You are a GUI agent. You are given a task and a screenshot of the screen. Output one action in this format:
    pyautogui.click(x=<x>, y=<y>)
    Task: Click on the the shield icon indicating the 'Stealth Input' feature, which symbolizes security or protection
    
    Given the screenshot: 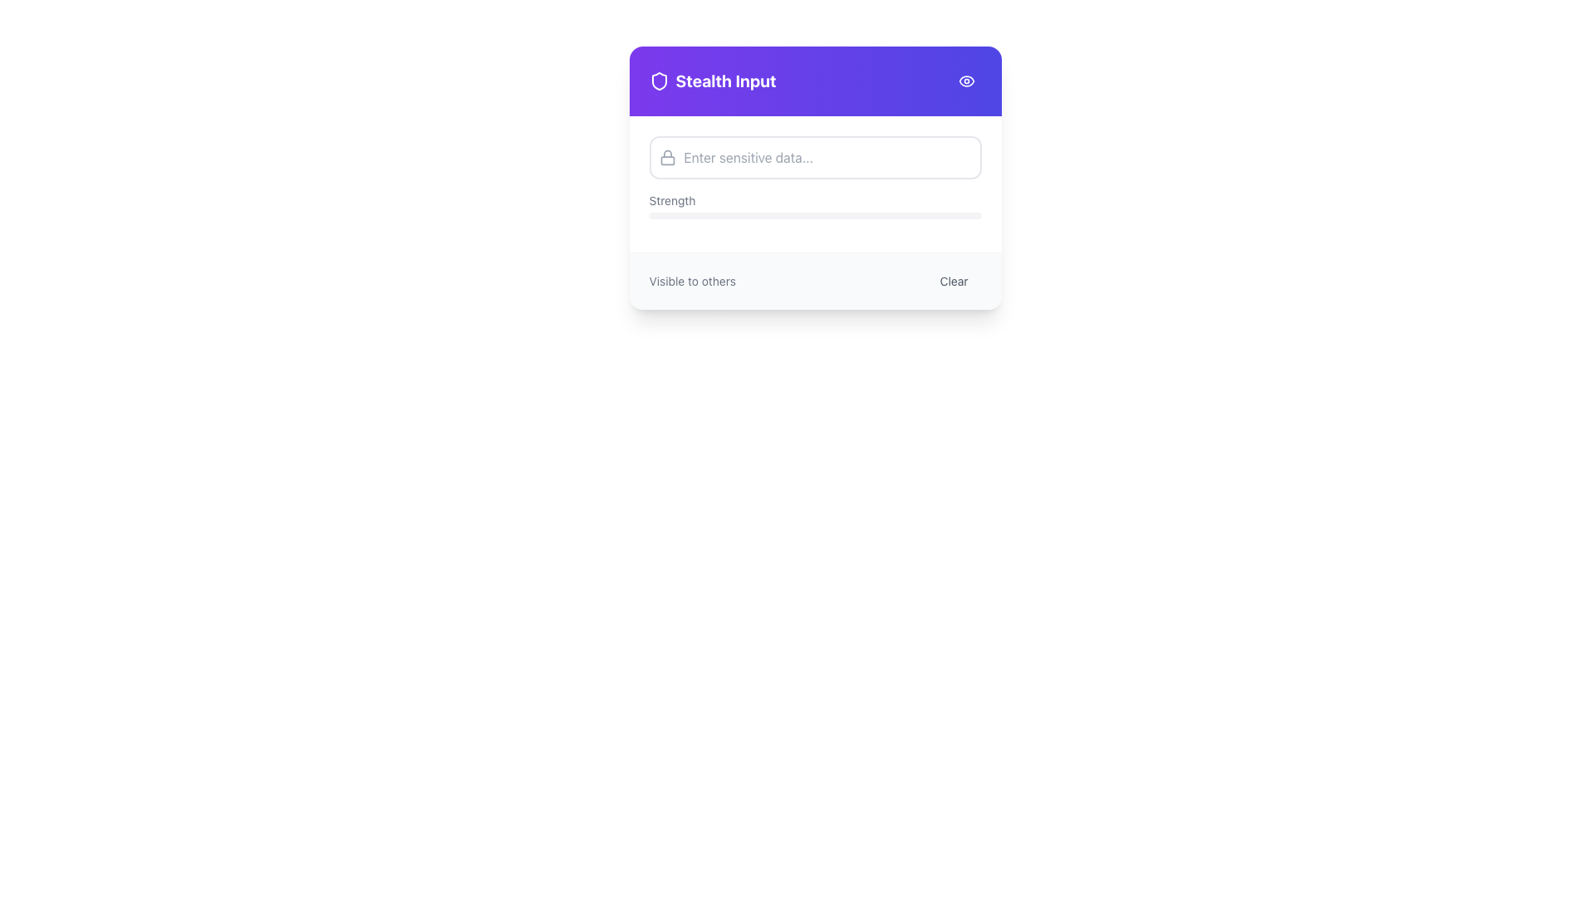 What is the action you would take?
    pyautogui.click(x=658, y=81)
    